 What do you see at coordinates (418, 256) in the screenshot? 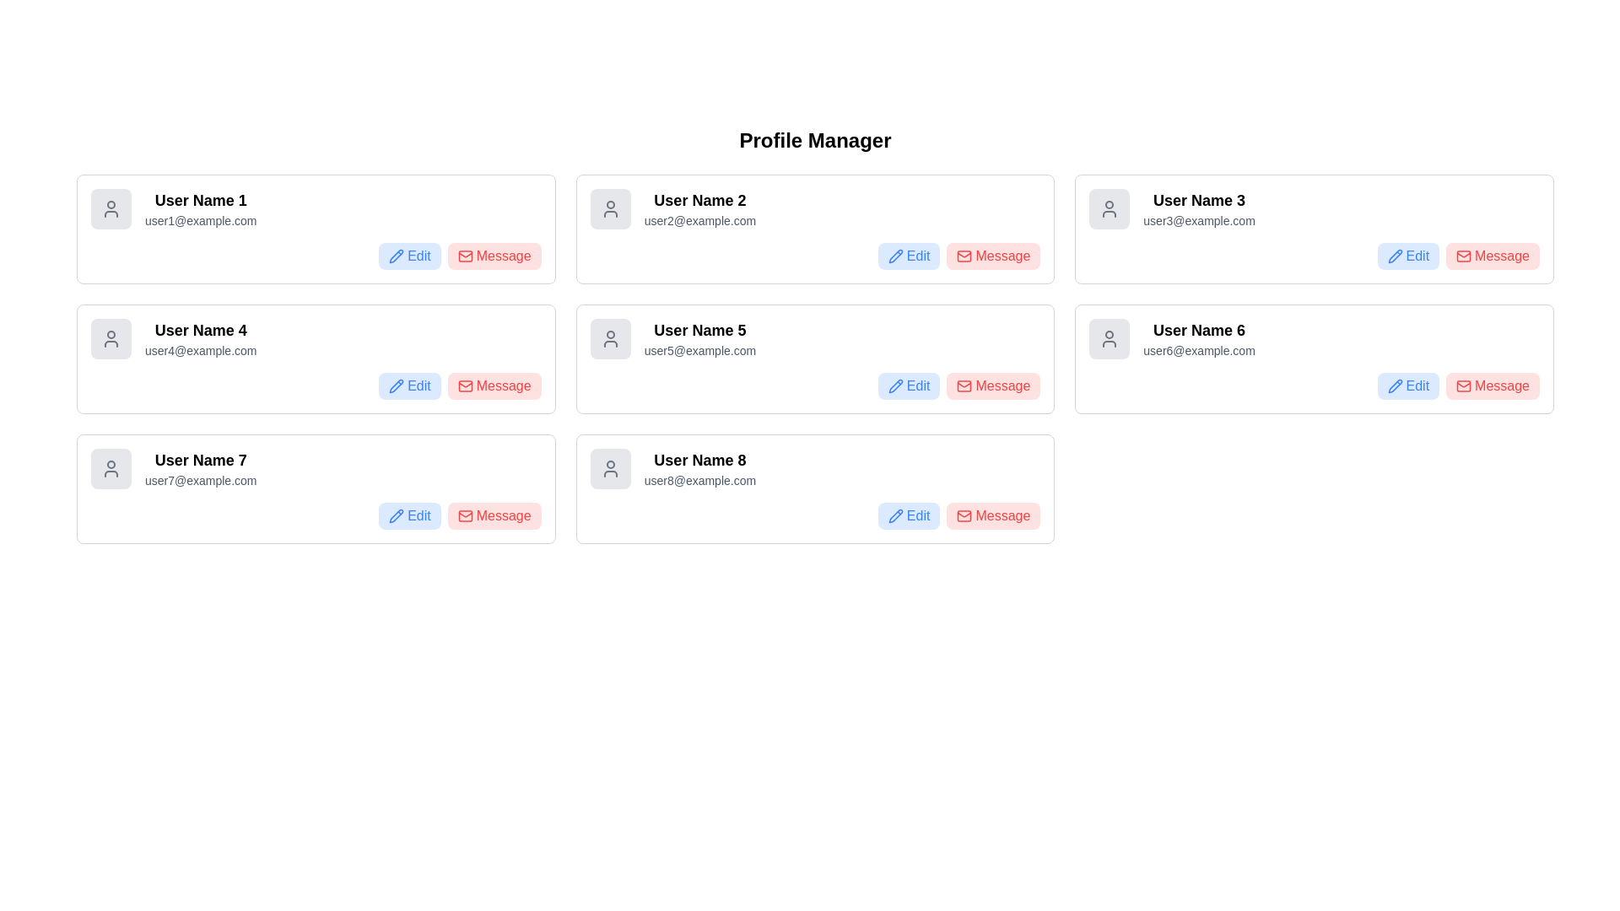
I see `the 'Edit' text label within the button on the 'User Name 1' profile card` at bounding box center [418, 256].